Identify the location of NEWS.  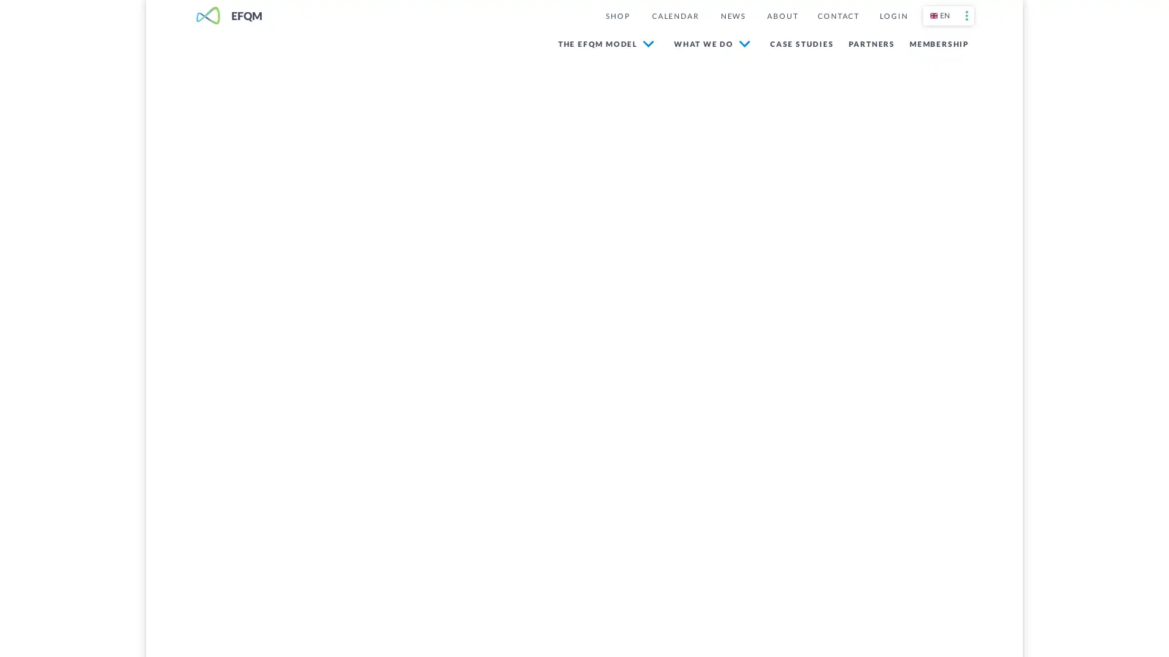
(732, 16).